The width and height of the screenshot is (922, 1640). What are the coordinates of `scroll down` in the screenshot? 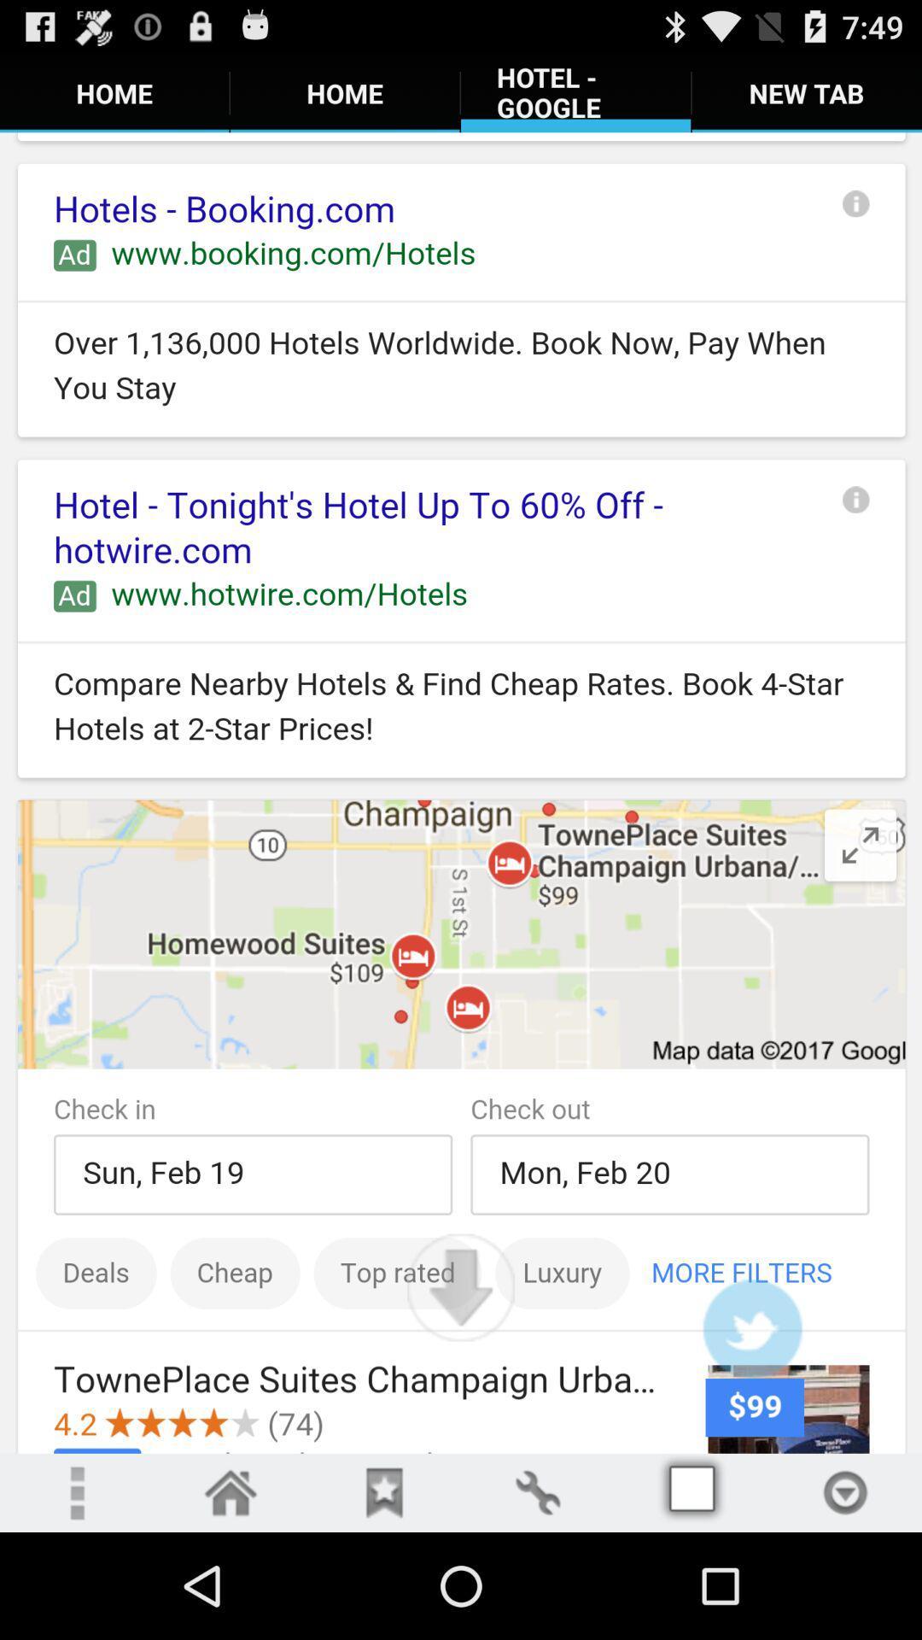 It's located at (461, 1287).